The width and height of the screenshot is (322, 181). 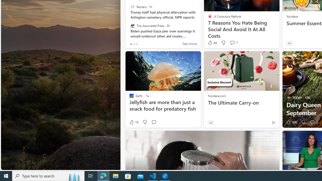 I want to click on 'View comments 2 Comment', so click(x=312, y=122).